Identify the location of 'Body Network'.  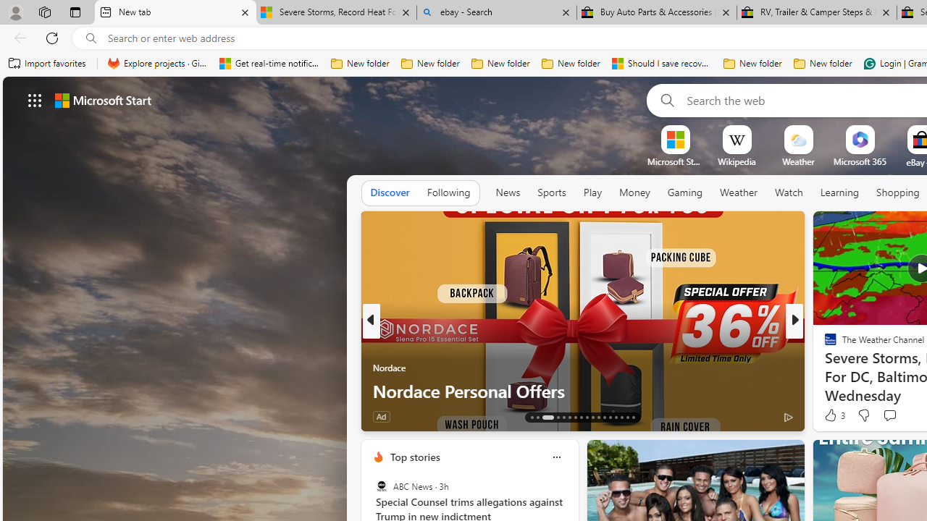
(824, 344).